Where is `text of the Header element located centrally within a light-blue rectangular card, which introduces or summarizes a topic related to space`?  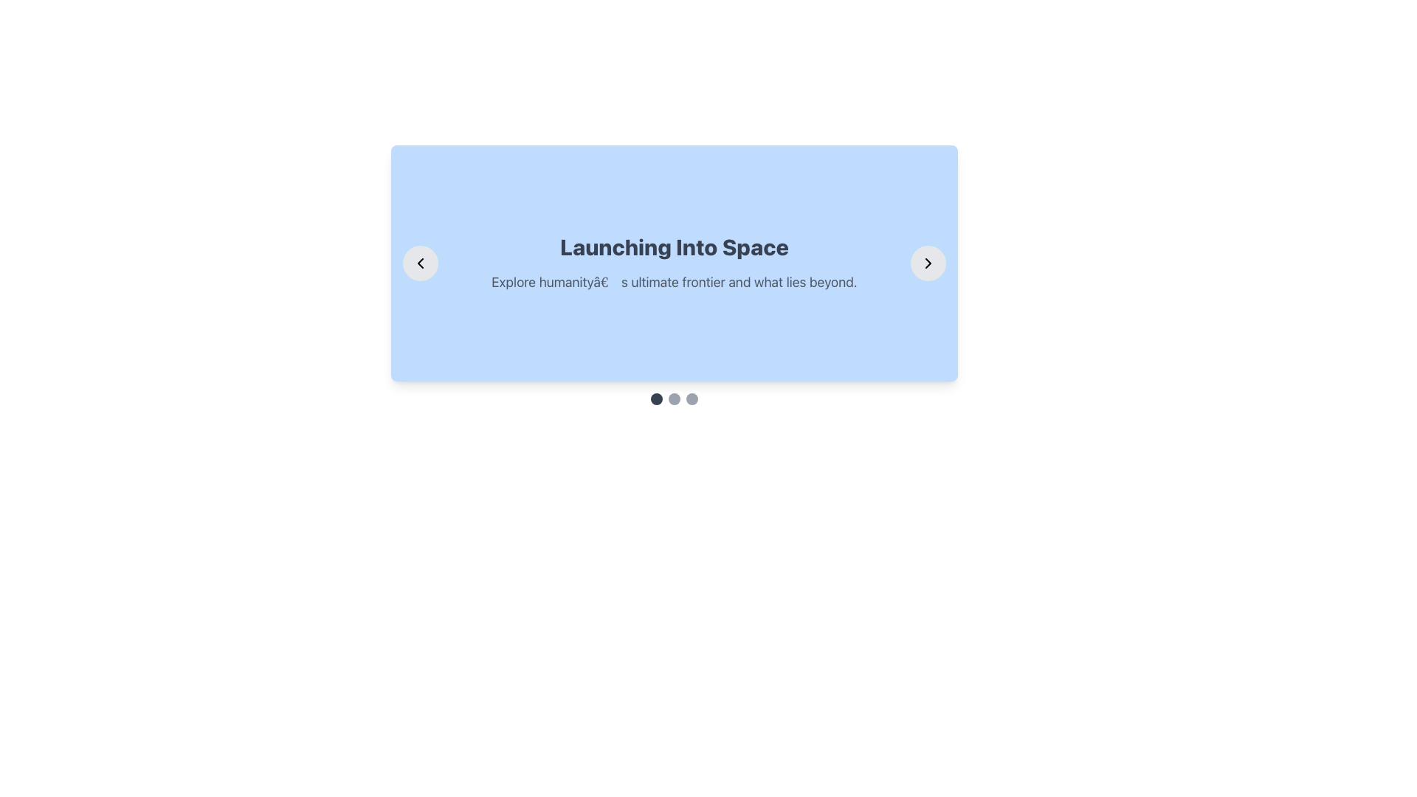
text of the Header element located centrally within a light-blue rectangular card, which introduces or summarizes a topic related to space is located at coordinates (673, 246).